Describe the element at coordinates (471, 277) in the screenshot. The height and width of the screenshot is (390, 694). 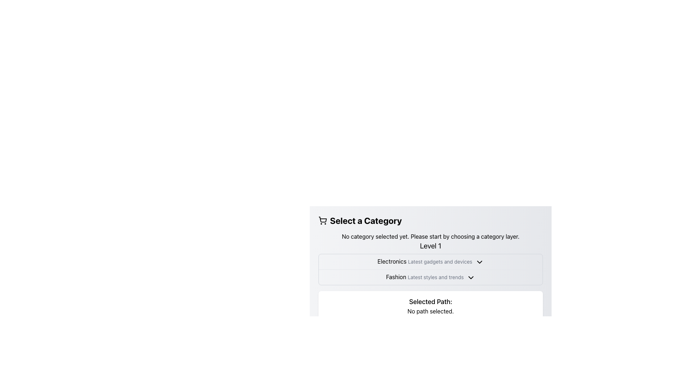
I see `the downward-facing chevron icon located to the right of the text 'Fashion Latest styles and trends'` at that location.